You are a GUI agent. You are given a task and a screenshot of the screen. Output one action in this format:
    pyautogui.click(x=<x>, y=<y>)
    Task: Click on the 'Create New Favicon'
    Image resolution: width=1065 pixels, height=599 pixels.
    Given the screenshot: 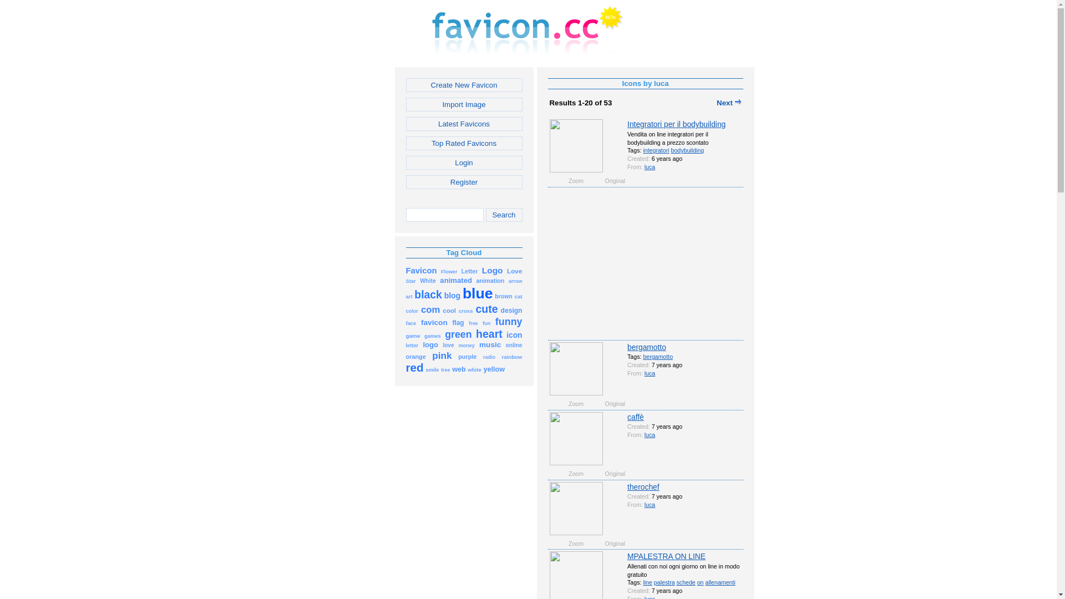 What is the action you would take?
    pyautogui.click(x=464, y=84)
    